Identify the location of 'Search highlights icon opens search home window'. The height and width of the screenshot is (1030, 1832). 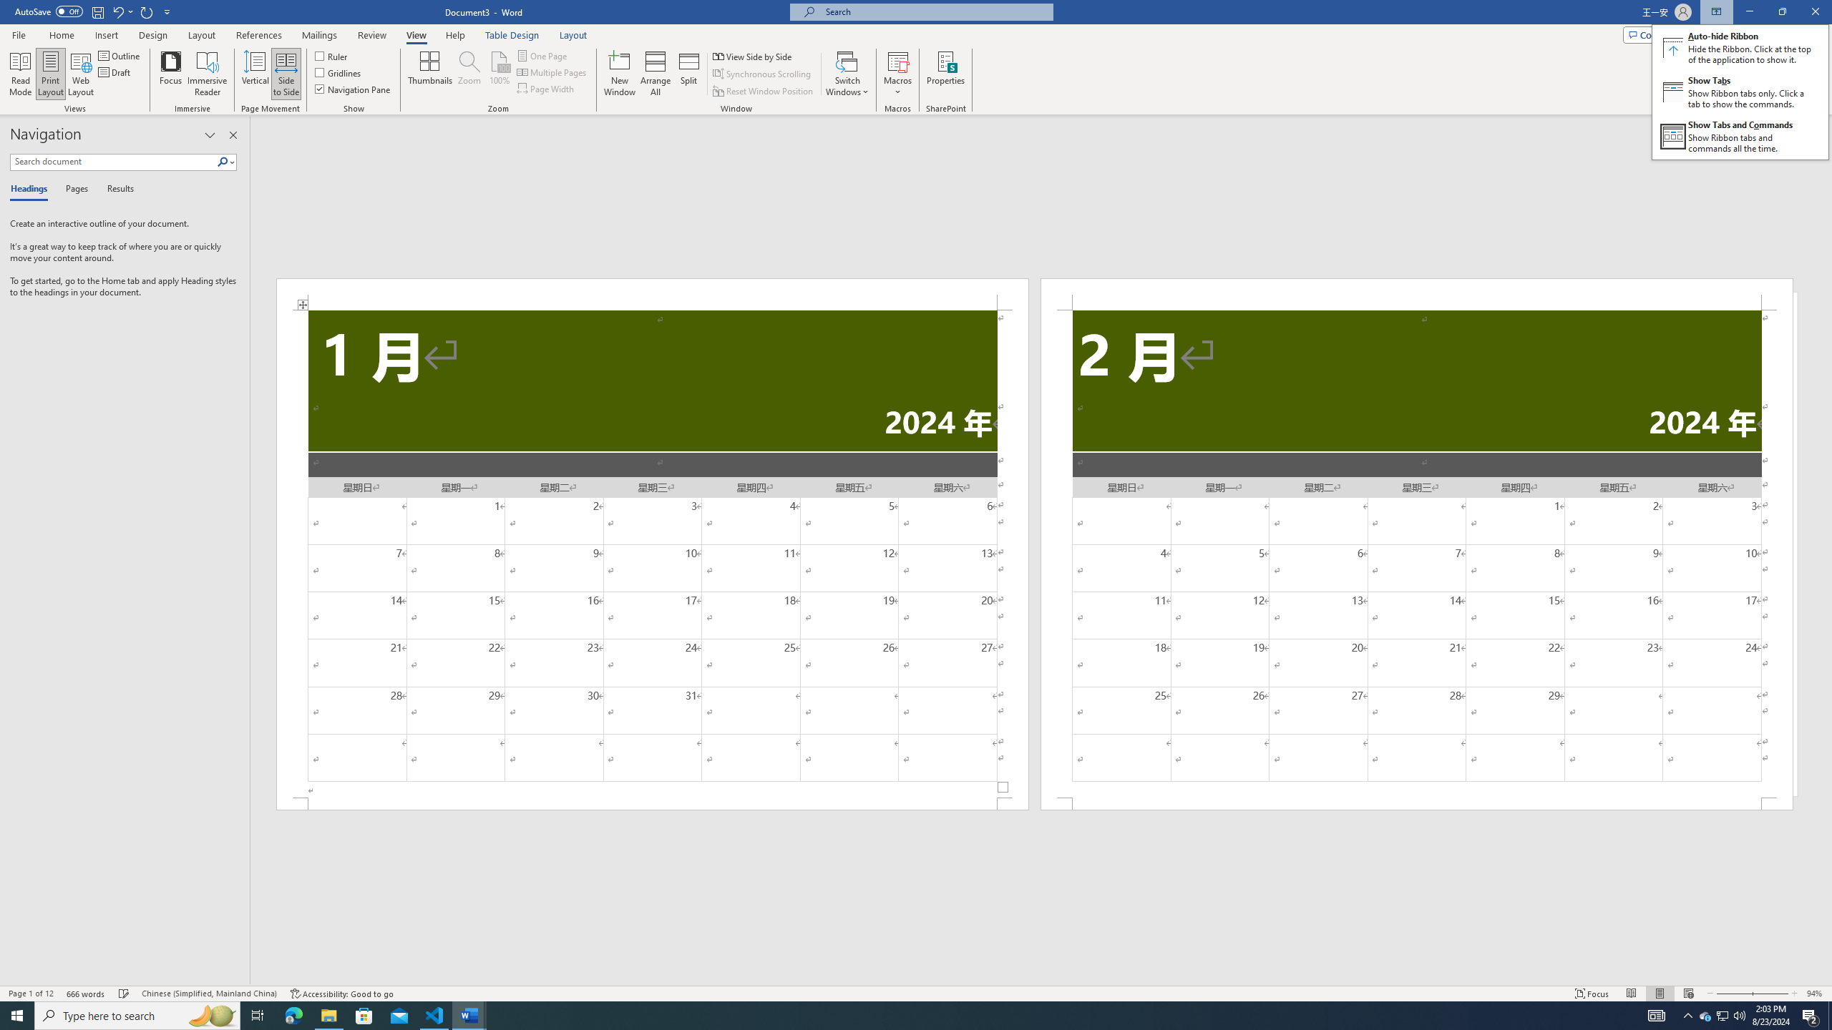
(210, 1014).